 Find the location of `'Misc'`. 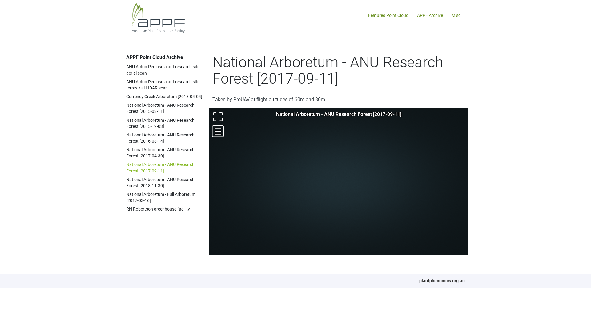

'Misc' is located at coordinates (456, 15).